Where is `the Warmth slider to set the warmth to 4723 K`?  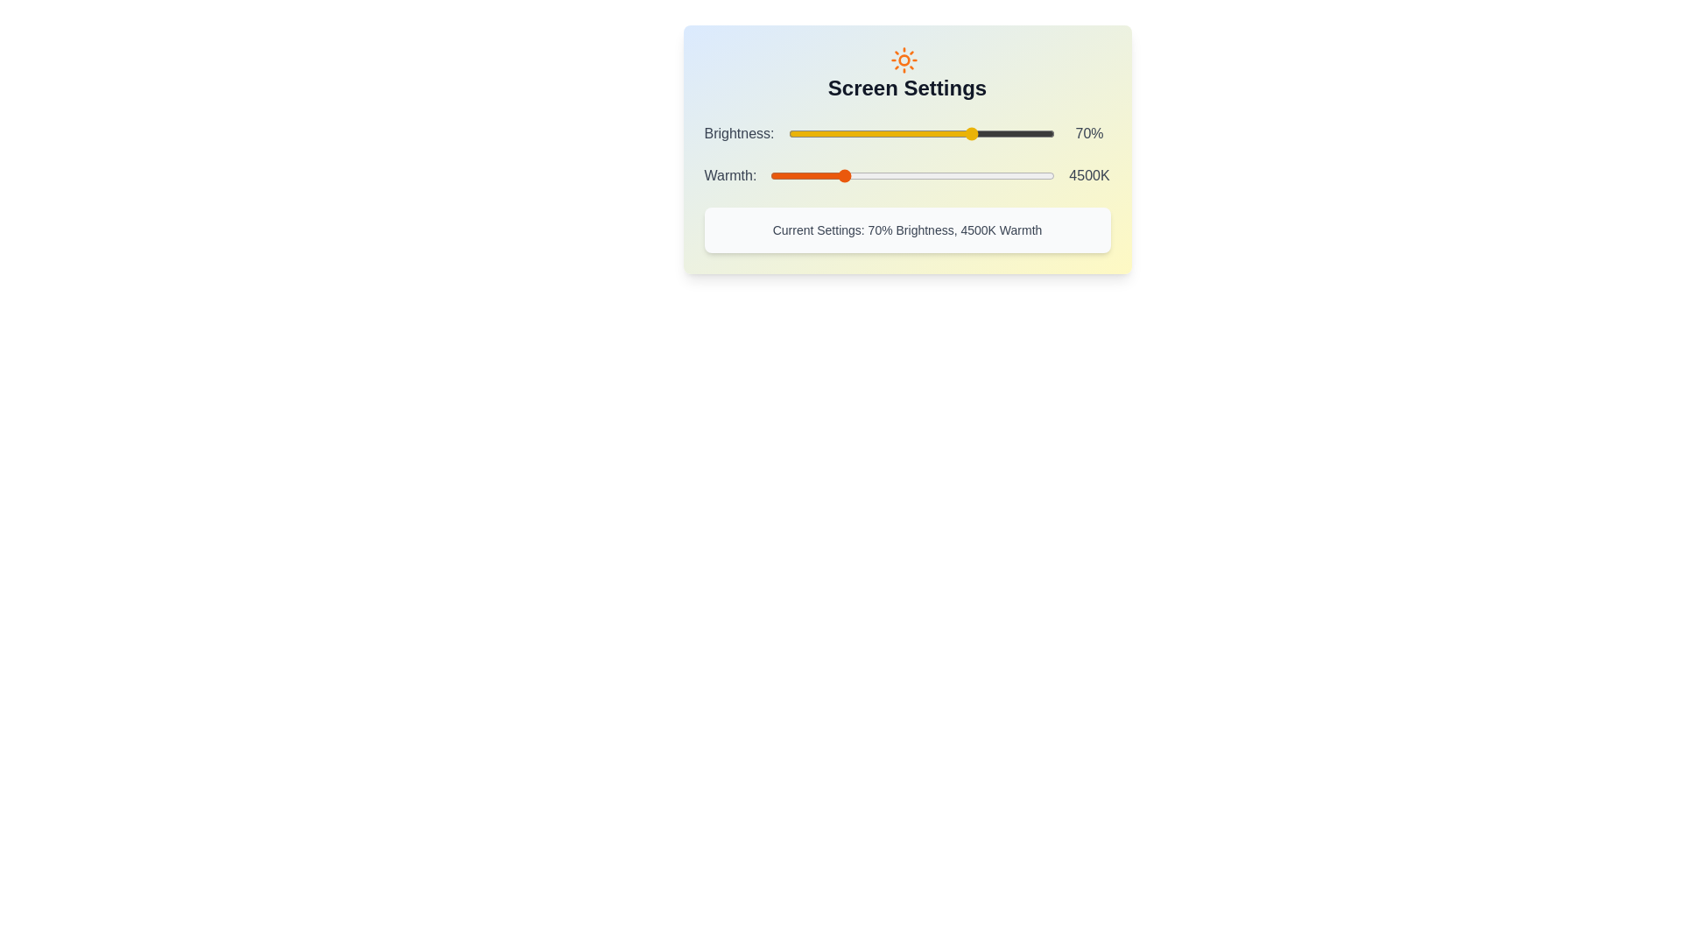
the Warmth slider to set the warmth to 4723 K is located at coordinates (852, 175).